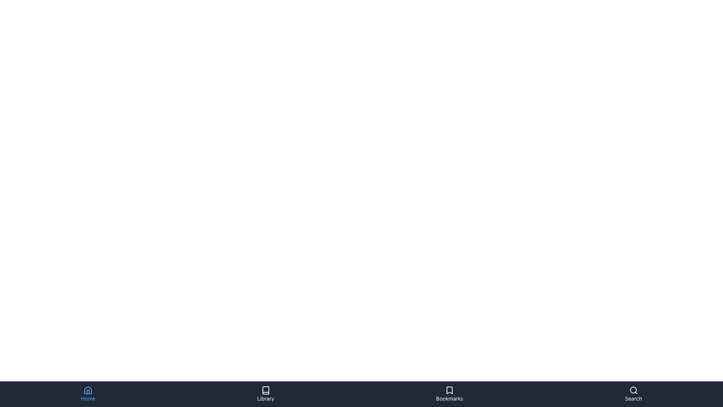 This screenshot has width=723, height=407. I want to click on the stylized book icon button in the bottom navigation bar, so click(265, 390).